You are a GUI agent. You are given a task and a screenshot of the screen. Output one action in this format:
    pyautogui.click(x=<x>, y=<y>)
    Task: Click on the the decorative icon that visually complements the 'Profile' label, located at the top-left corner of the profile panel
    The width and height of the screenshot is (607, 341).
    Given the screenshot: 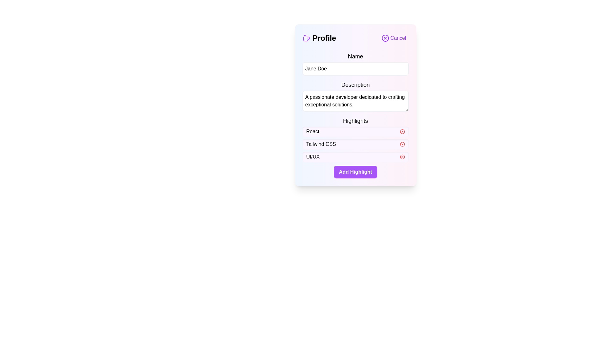 What is the action you would take?
    pyautogui.click(x=306, y=38)
    